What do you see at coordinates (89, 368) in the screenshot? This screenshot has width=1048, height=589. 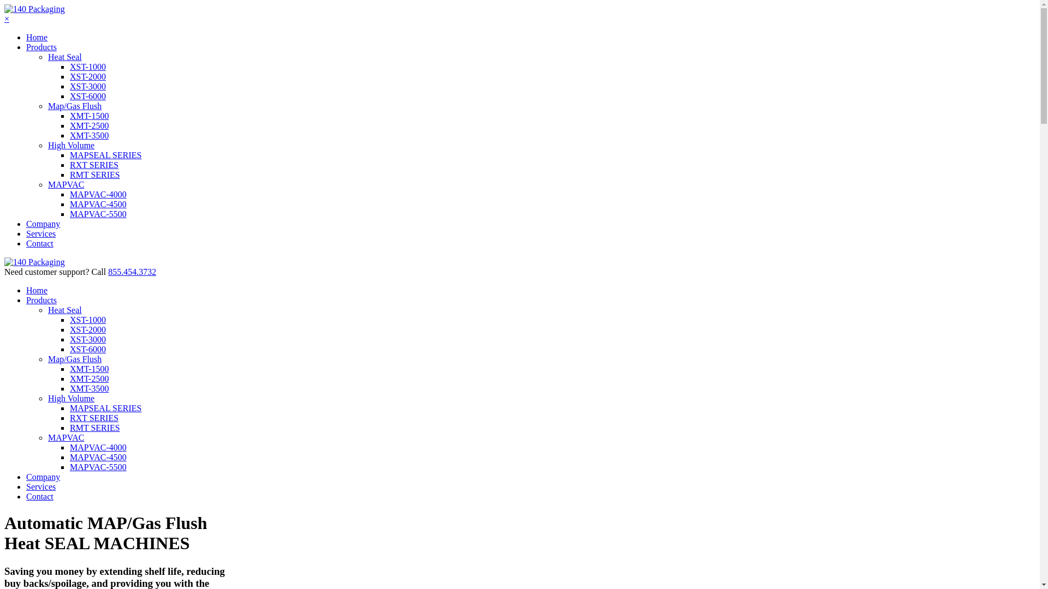 I see `'XMT-1500'` at bounding box center [89, 368].